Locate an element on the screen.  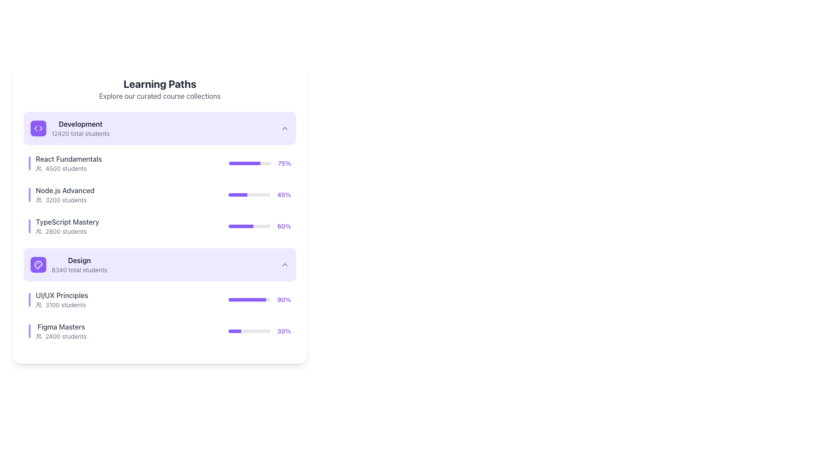
progress is located at coordinates (246, 194).